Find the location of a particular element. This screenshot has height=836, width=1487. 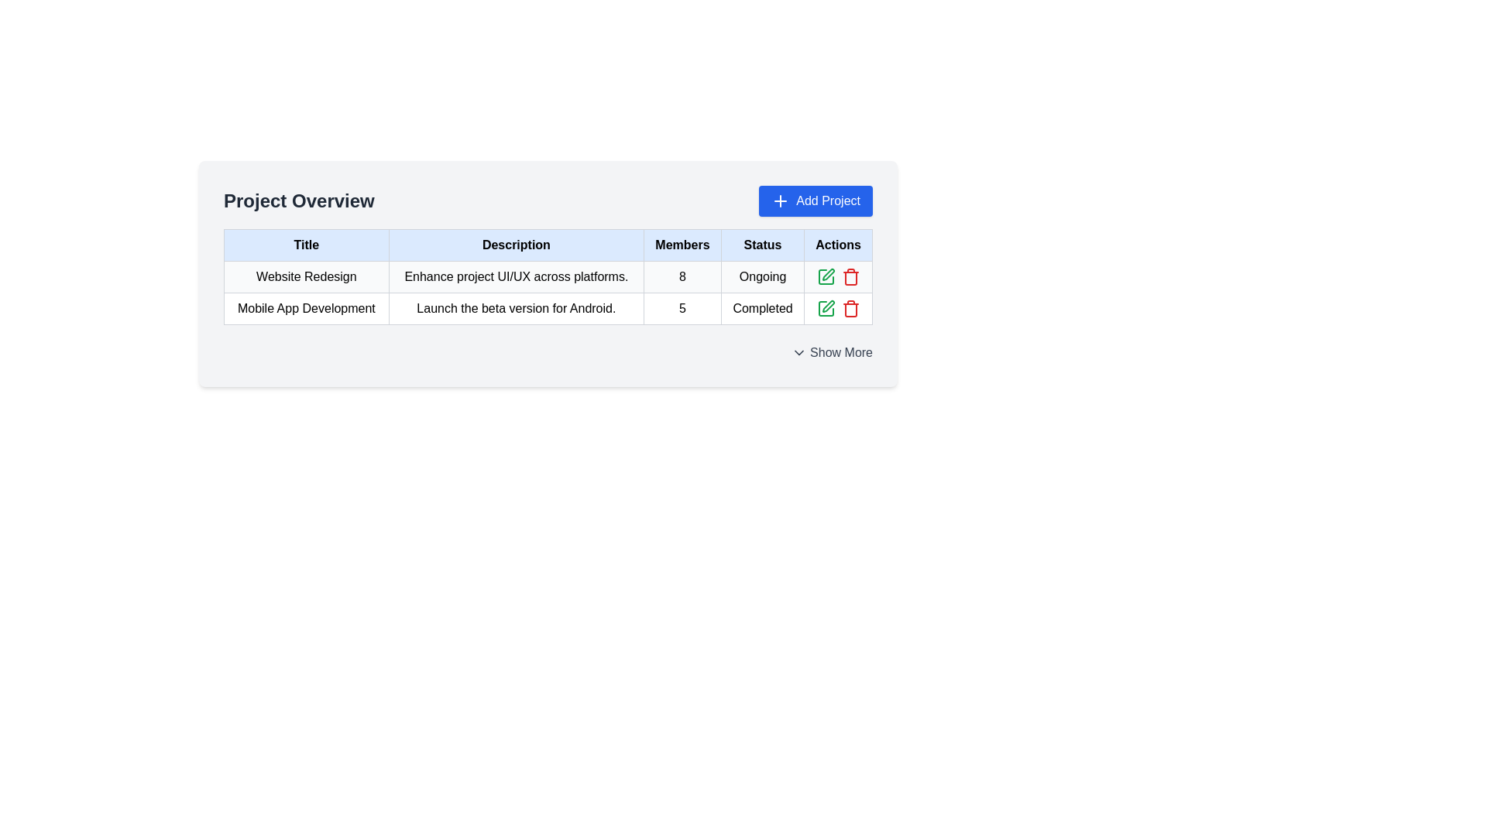

the Text Label located in the second row of the table under the 'Description' column, positioned between 'Mobile App Development' and '5' is located at coordinates (516, 308).